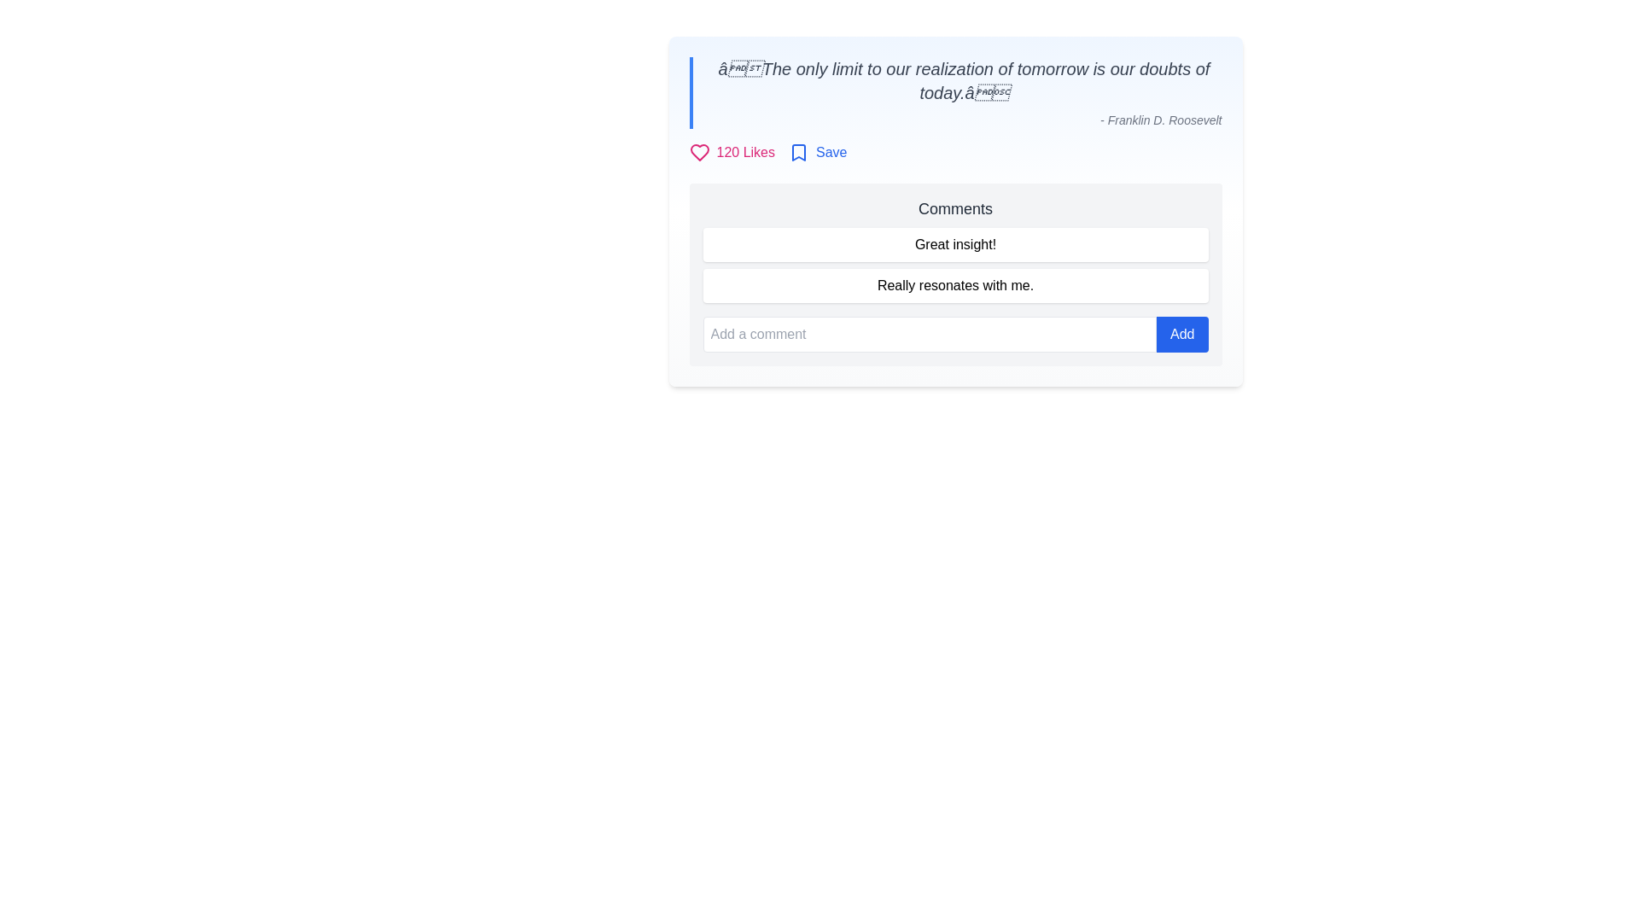 Image resolution: width=1639 pixels, height=922 pixels. What do you see at coordinates (1181, 335) in the screenshot?
I see `the submit button located immediately to the right of the comment input field` at bounding box center [1181, 335].